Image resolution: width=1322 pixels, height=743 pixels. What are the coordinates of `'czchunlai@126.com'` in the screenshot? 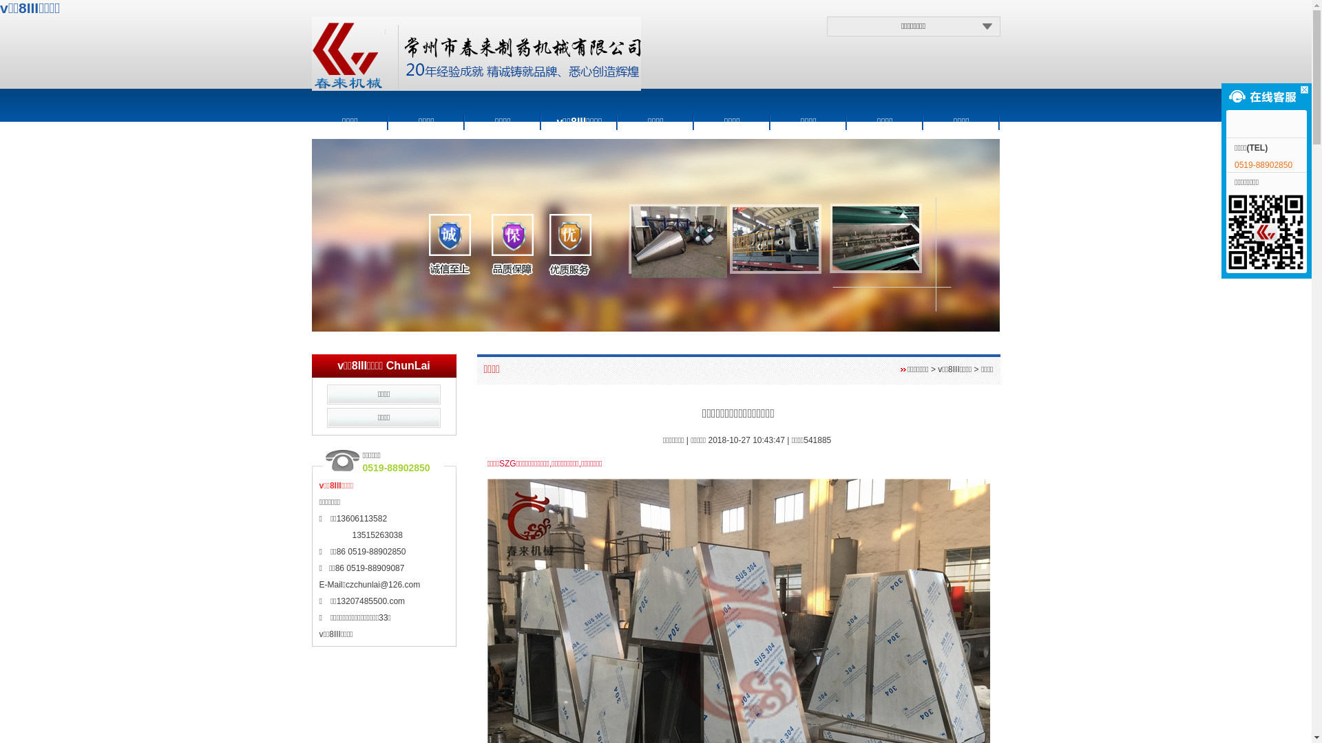 It's located at (383, 584).